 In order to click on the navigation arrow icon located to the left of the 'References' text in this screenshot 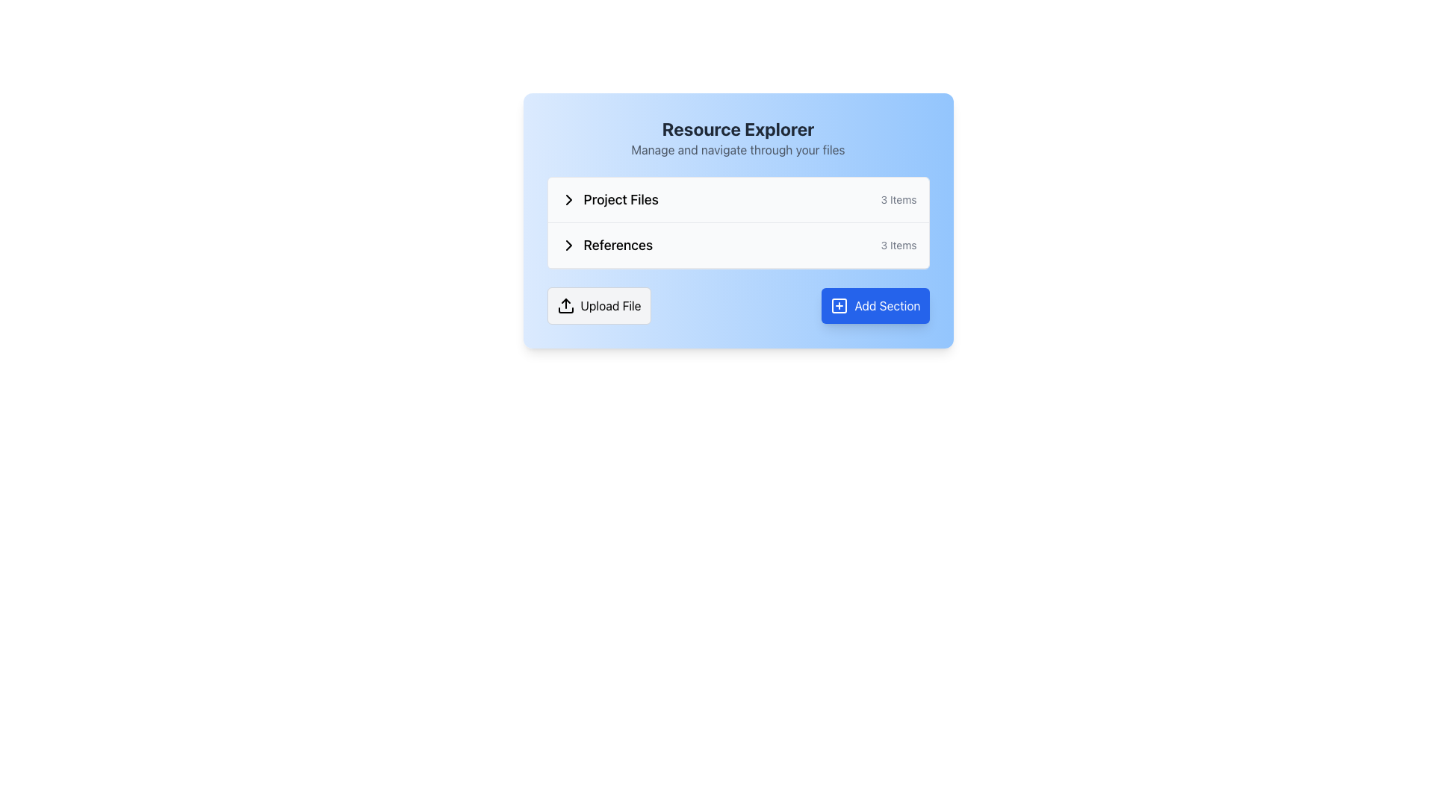, I will do `click(568, 244)`.